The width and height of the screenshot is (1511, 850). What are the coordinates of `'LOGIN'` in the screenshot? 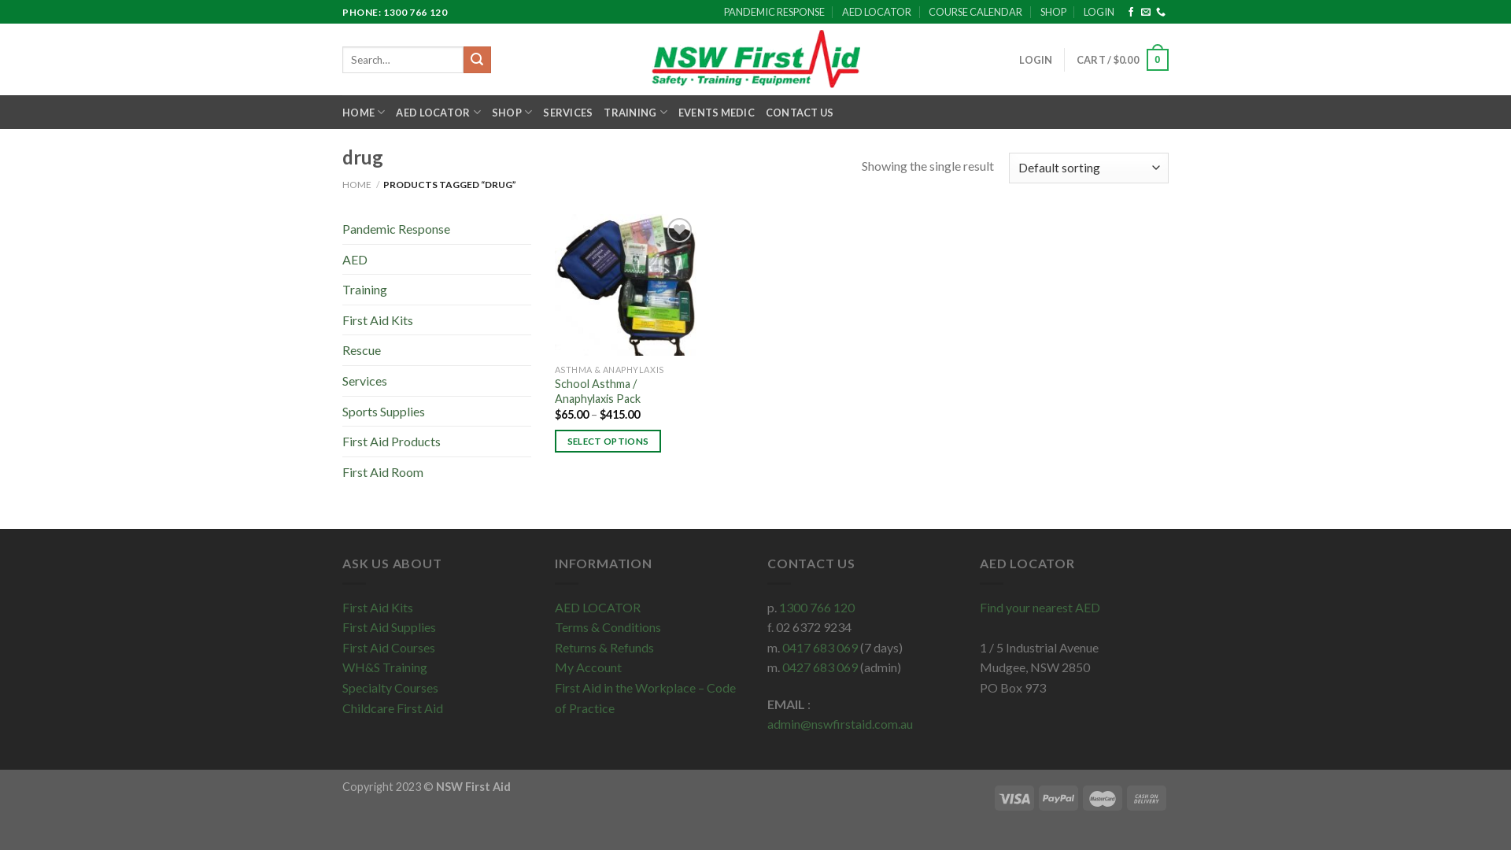 It's located at (1035, 59).